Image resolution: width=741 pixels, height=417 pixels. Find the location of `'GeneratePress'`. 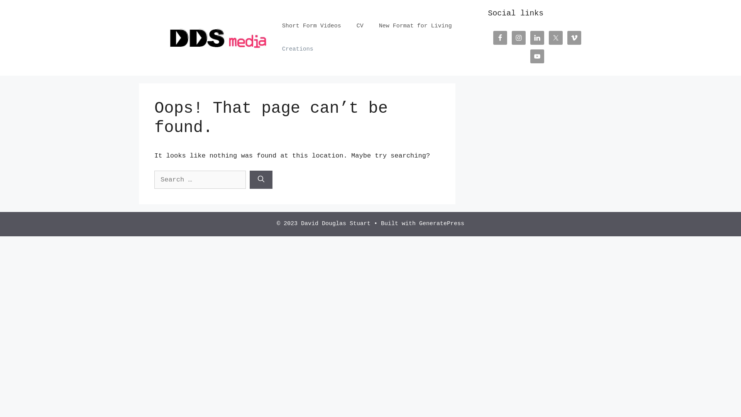

'GeneratePress' is located at coordinates (442, 224).